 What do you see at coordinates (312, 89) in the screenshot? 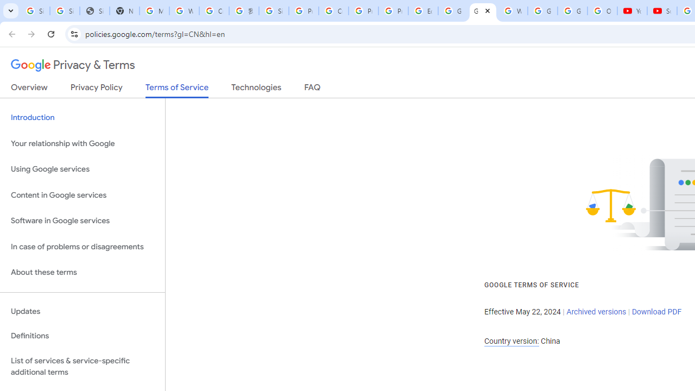
I see `'FAQ'` at bounding box center [312, 89].